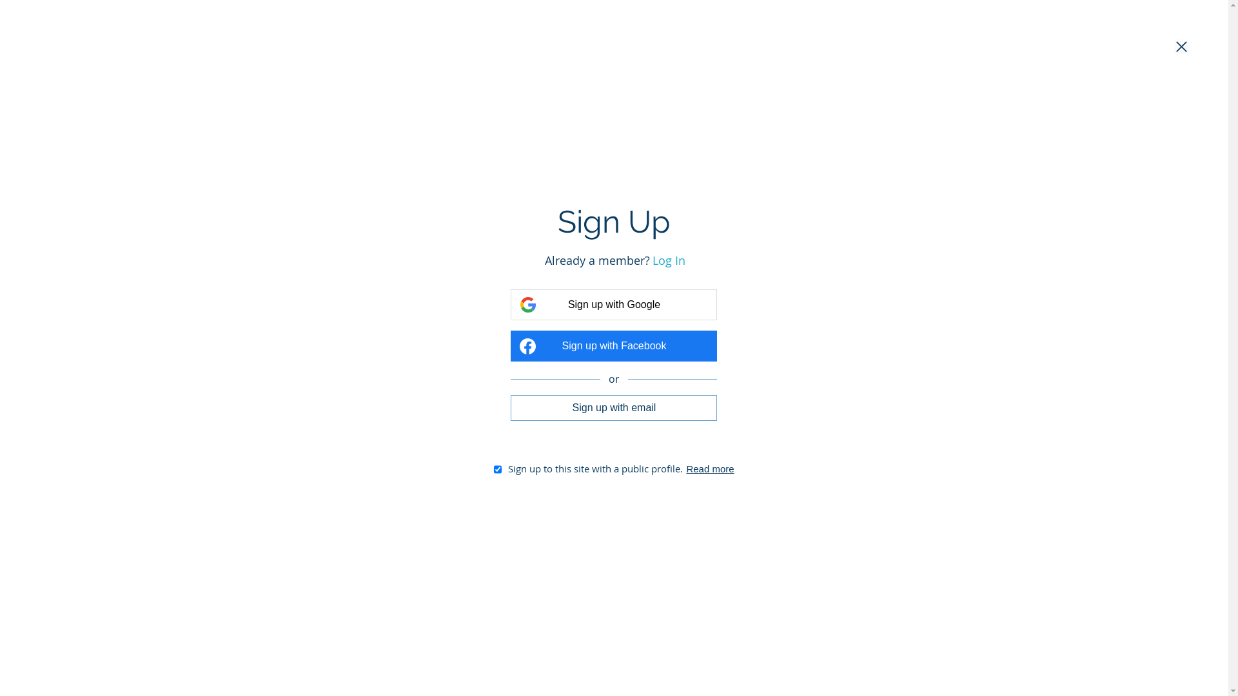 This screenshot has width=1238, height=696. What do you see at coordinates (613, 305) in the screenshot?
I see `'Sign up with Google'` at bounding box center [613, 305].